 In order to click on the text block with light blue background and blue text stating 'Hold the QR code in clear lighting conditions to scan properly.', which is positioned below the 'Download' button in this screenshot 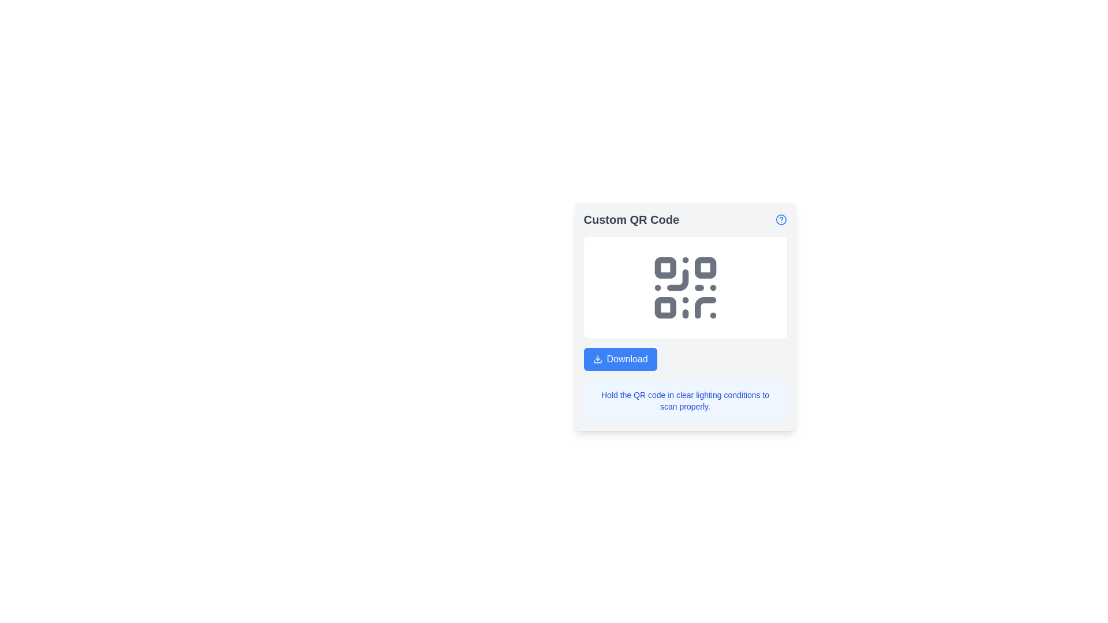, I will do `click(685, 400)`.